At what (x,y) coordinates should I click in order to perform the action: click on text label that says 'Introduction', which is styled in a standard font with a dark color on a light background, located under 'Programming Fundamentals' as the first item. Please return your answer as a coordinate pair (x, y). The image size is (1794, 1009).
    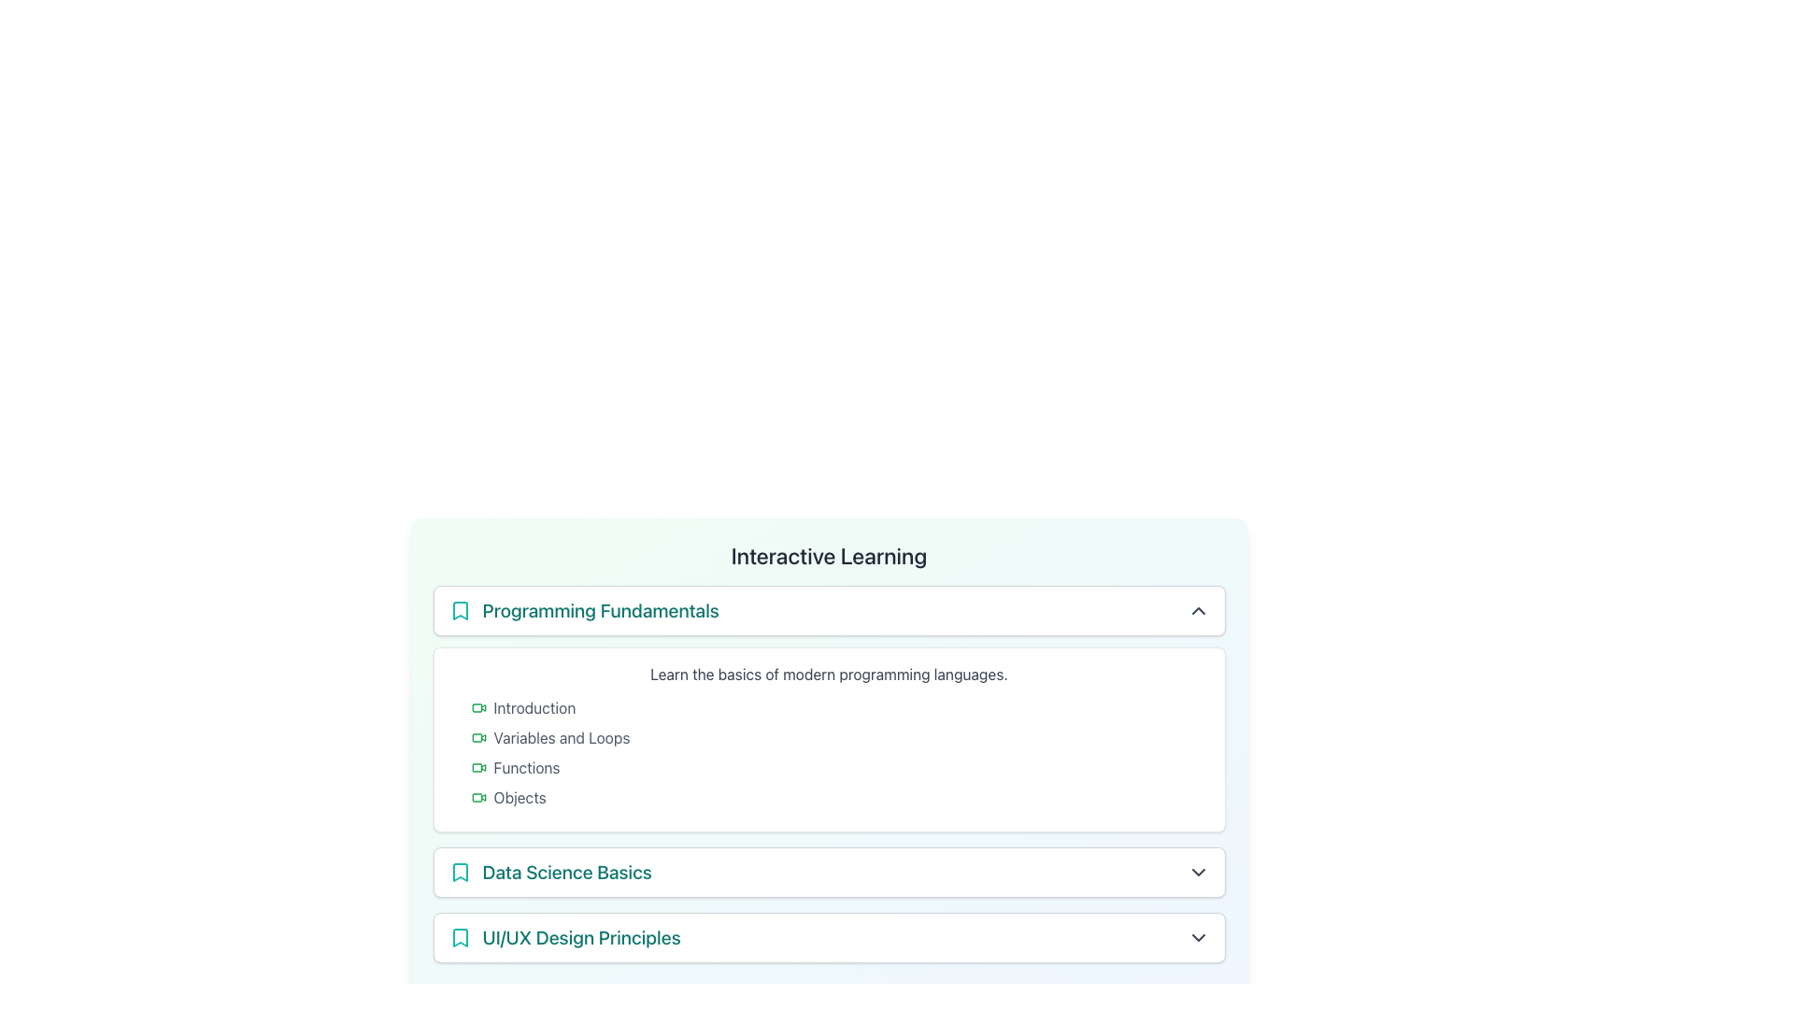
    Looking at the image, I should click on (534, 708).